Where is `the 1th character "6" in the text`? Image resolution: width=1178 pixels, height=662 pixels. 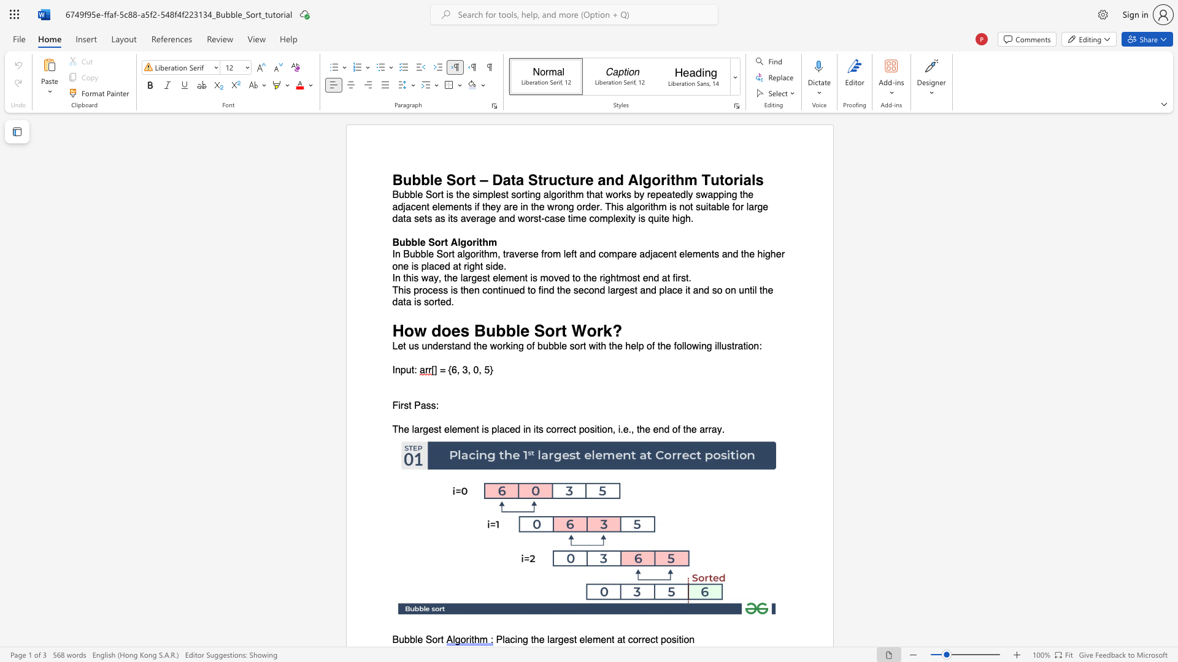
the 1th character "6" in the text is located at coordinates (453, 370).